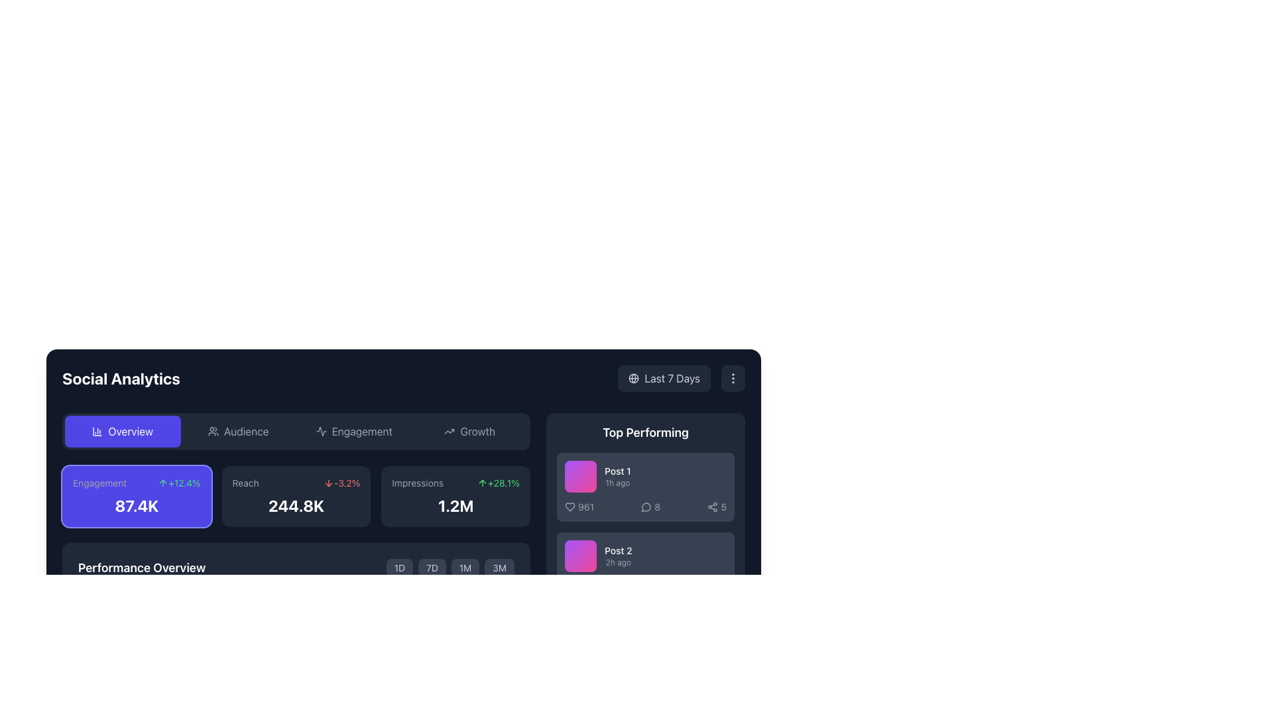 The height and width of the screenshot is (716, 1273). I want to click on the static text display showing '244.8K', which is prominently styled in bold 2xl white font on a dark background, located in the lower section of the 'Reach' card in the analytics section, so click(295, 506).